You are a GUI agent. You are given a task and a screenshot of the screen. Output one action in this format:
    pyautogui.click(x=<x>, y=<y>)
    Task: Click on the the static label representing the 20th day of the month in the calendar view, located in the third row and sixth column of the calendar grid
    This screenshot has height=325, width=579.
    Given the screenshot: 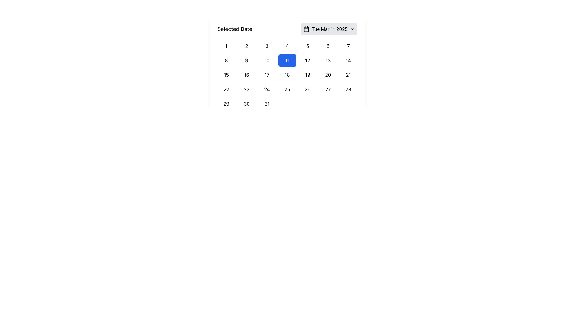 What is the action you would take?
    pyautogui.click(x=327, y=75)
    